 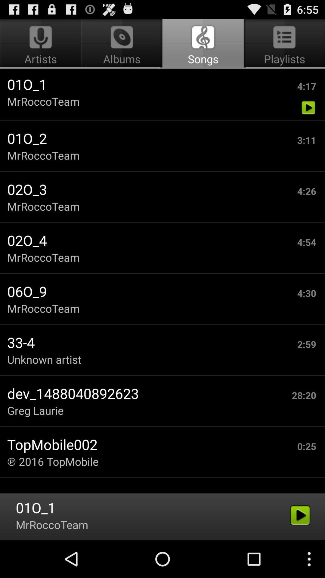 What do you see at coordinates (41, 44) in the screenshot?
I see `item above 01o_1 item` at bounding box center [41, 44].